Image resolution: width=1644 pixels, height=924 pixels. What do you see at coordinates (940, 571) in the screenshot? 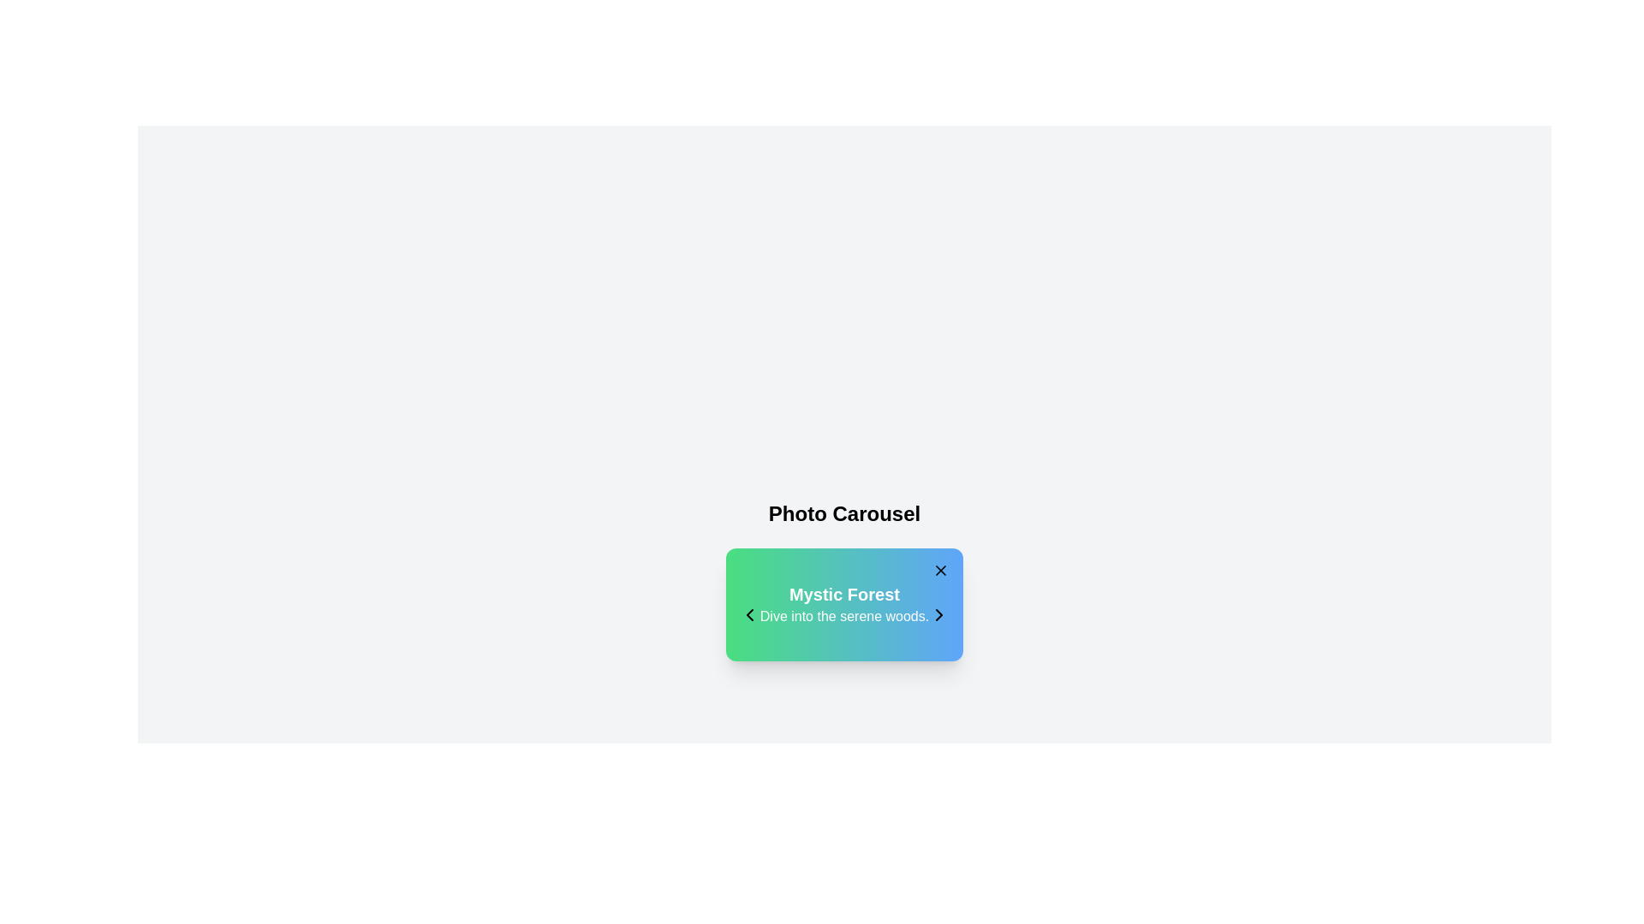
I see `the 'Close' button located in the top-right corner of the 'Mystic Forest' card` at bounding box center [940, 571].